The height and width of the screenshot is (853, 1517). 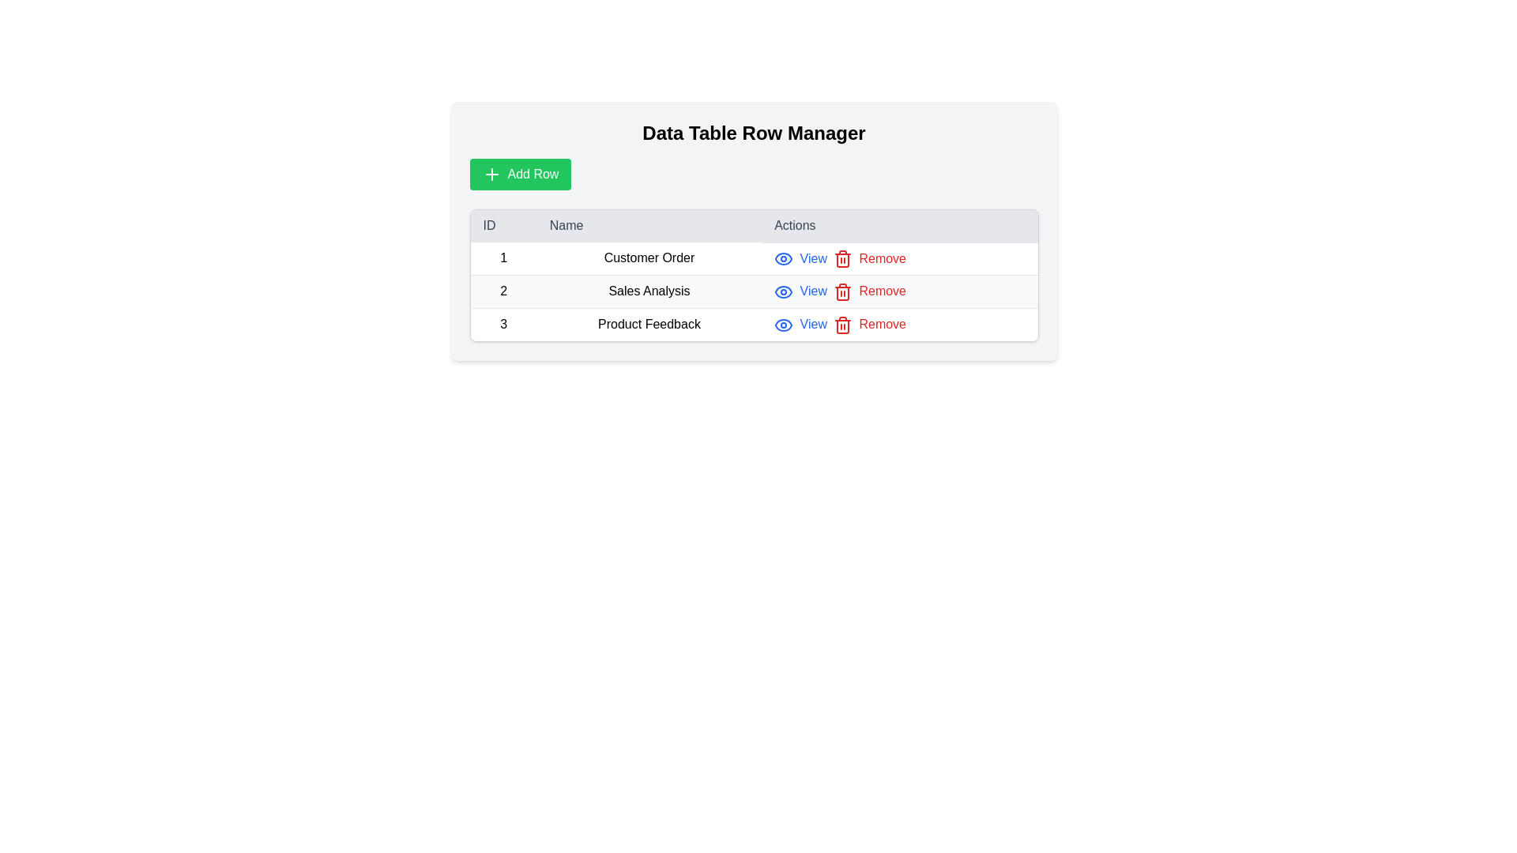 I want to click on the 'Remove' button located in the 'Actions' column of the third row of the table, so click(x=868, y=324).